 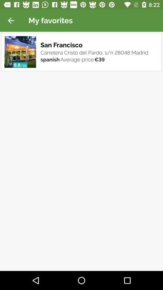 I want to click on icon to the left of my favorites item, so click(x=11, y=21).